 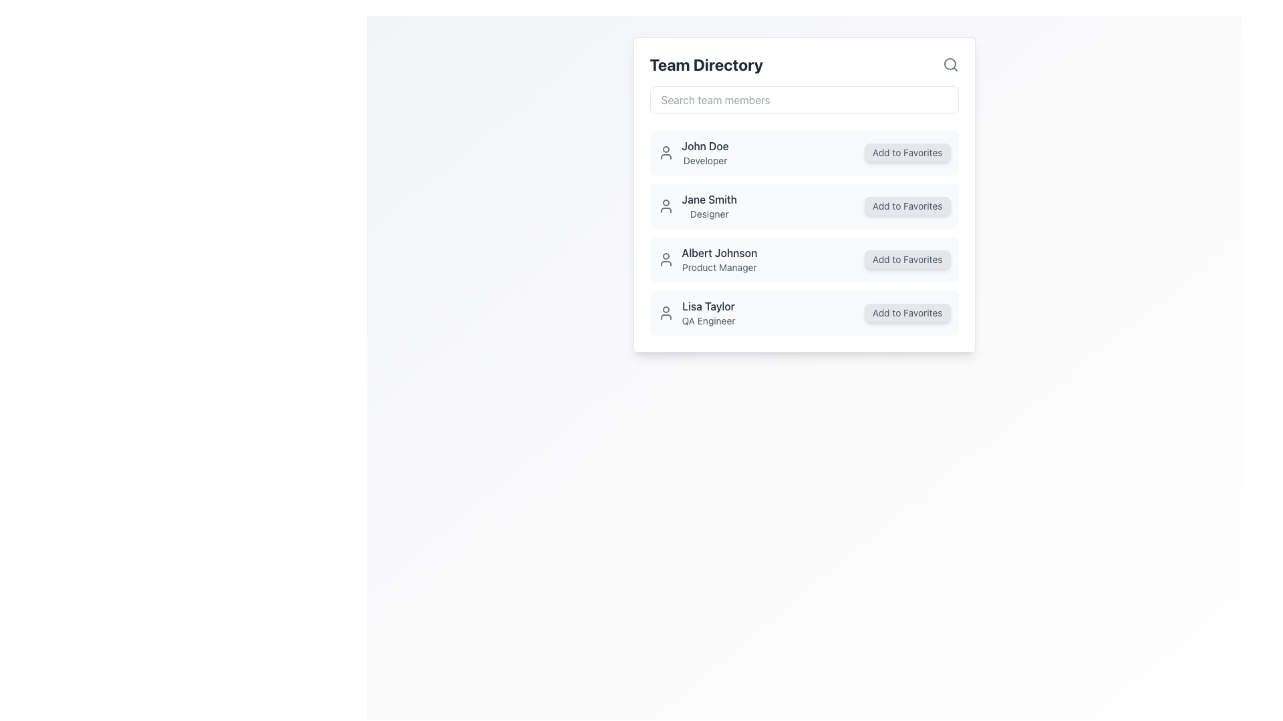 I want to click on the text label displaying 'Lisa Taylor' in bold, dark gray font, located in the fourth row of the team directory, above the job title 'QA Engineer' and to the left of the 'Add to Favorites' button, so click(x=708, y=306).